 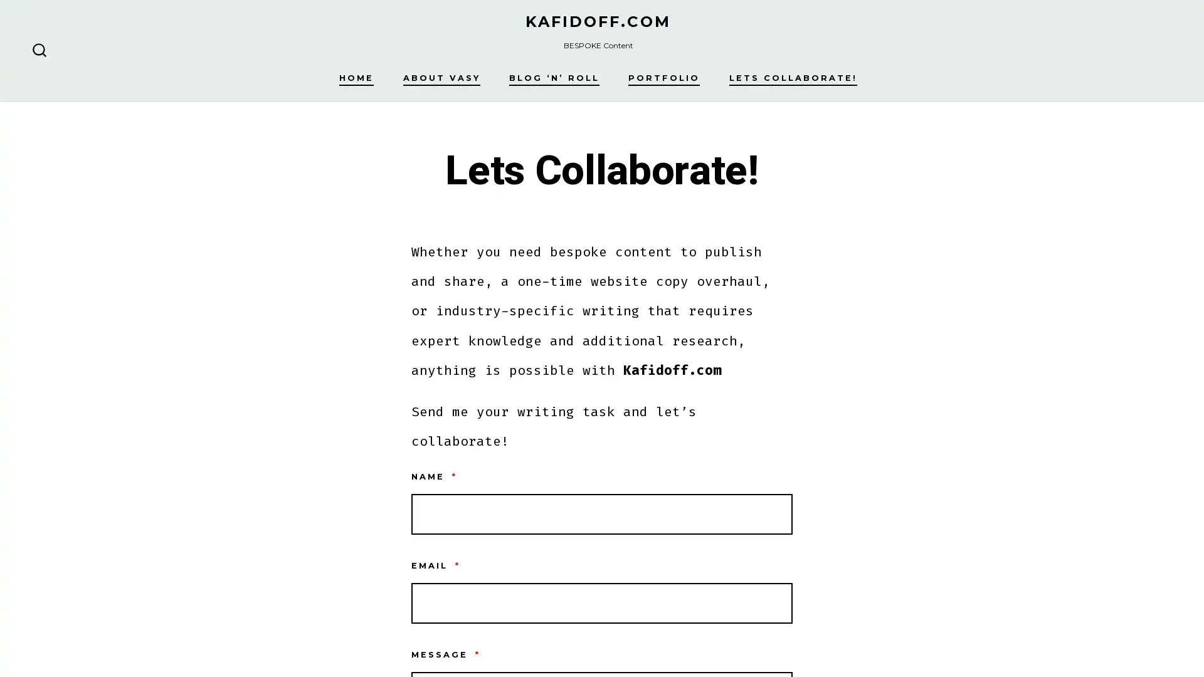 What do you see at coordinates (39, 50) in the screenshot?
I see `SEARCH TOGGLE` at bounding box center [39, 50].